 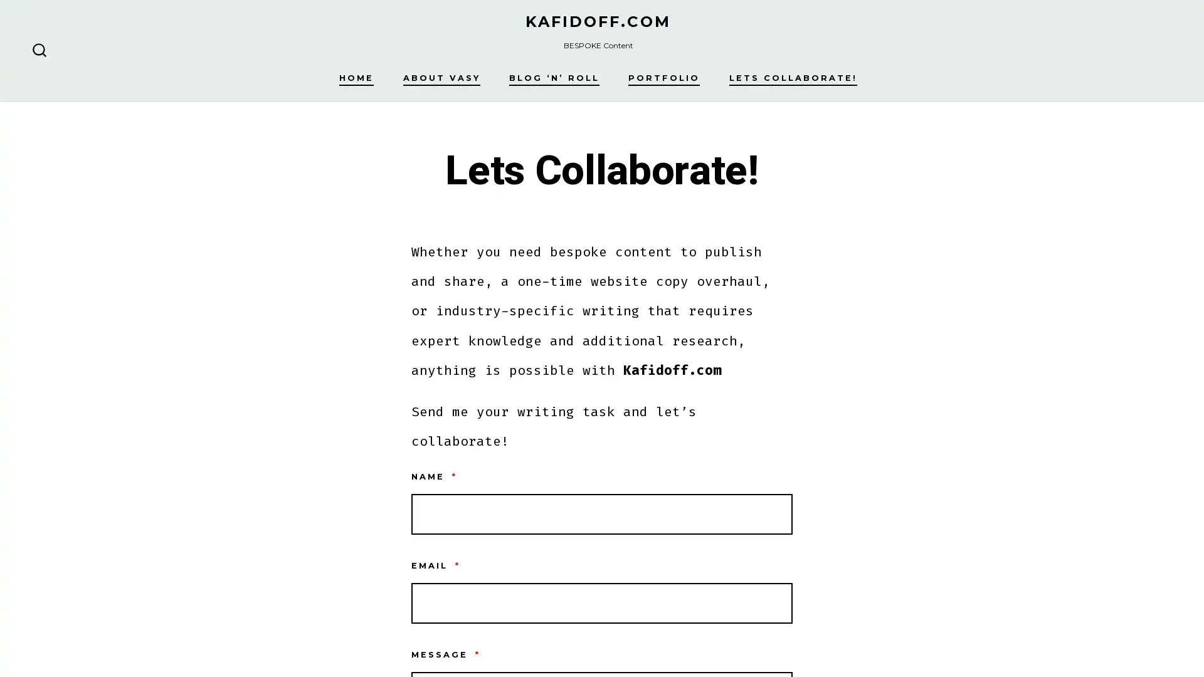 What do you see at coordinates (39, 50) in the screenshot?
I see `SEARCH TOGGLE` at bounding box center [39, 50].